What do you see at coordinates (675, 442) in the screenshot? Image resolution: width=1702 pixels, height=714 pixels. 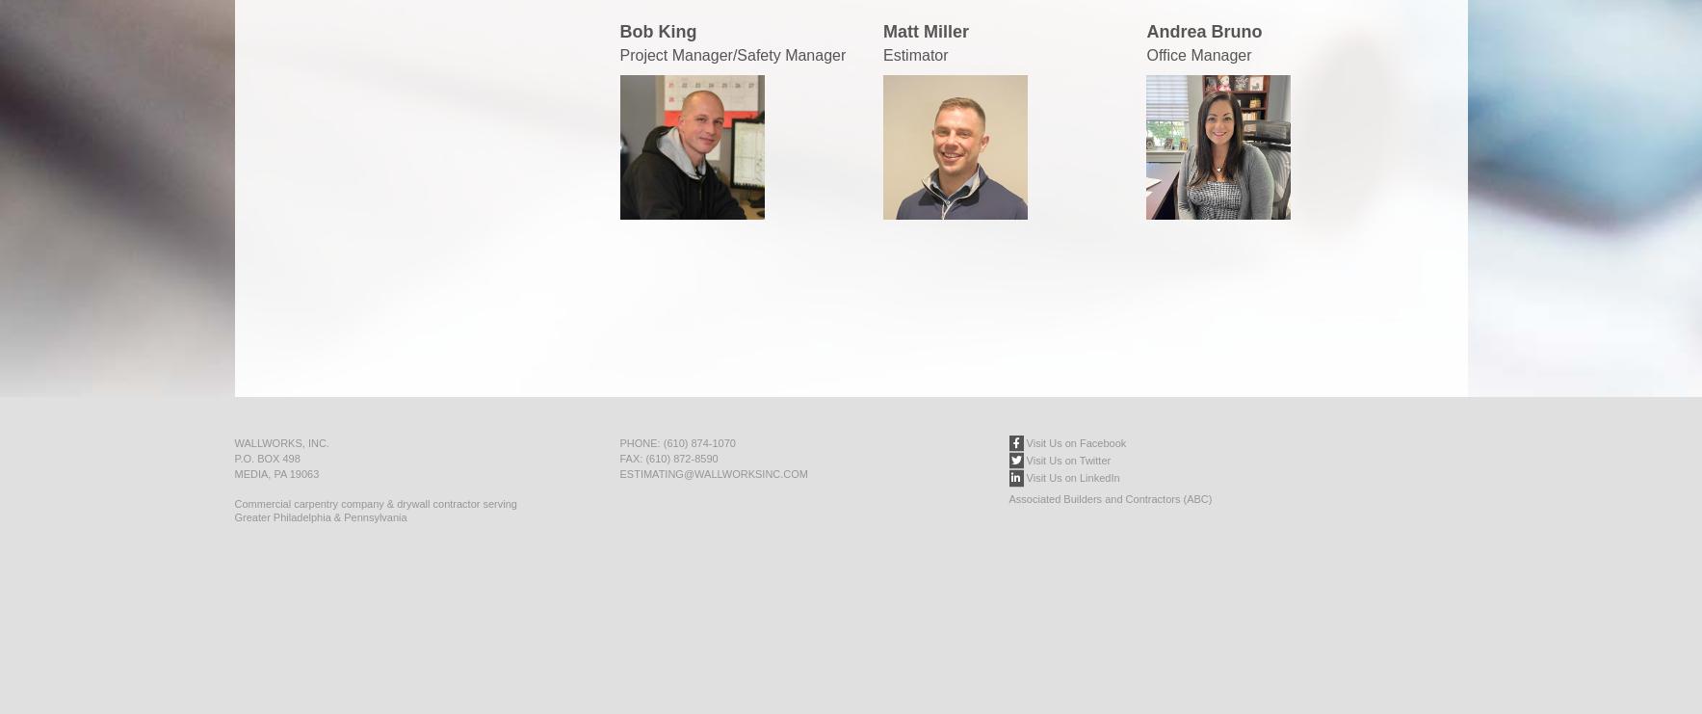 I see `'PHONE:	(610) 874-1070'` at bounding box center [675, 442].